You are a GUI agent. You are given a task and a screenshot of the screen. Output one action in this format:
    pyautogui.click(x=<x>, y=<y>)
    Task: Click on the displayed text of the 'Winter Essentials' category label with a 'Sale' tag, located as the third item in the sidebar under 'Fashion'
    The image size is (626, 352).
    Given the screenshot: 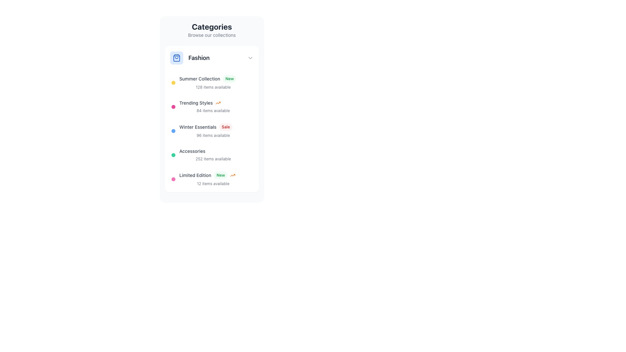 What is the action you would take?
    pyautogui.click(x=213, y=127)
    